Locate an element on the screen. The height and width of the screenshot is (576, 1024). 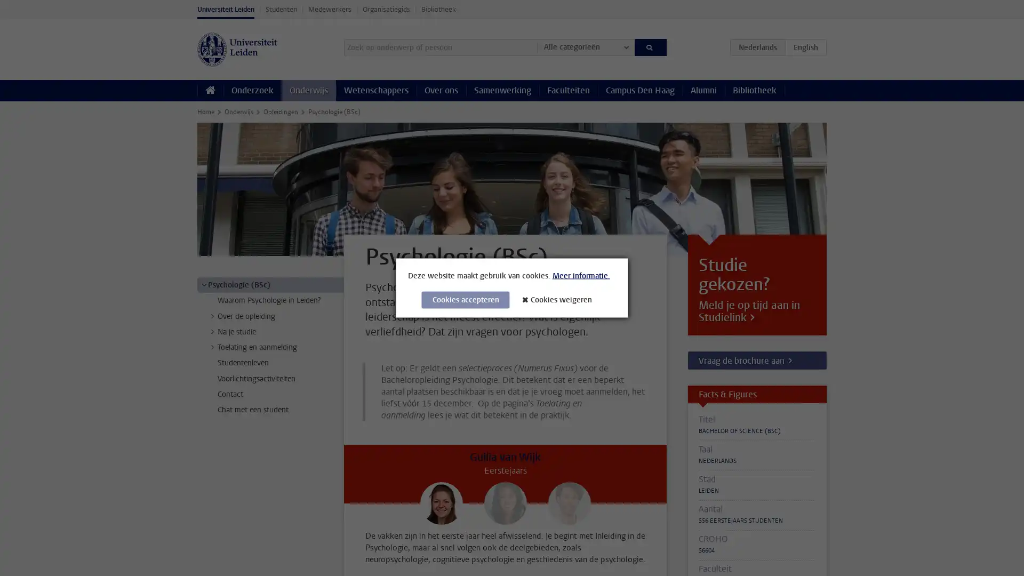
> is located at coordinates (212, 347).